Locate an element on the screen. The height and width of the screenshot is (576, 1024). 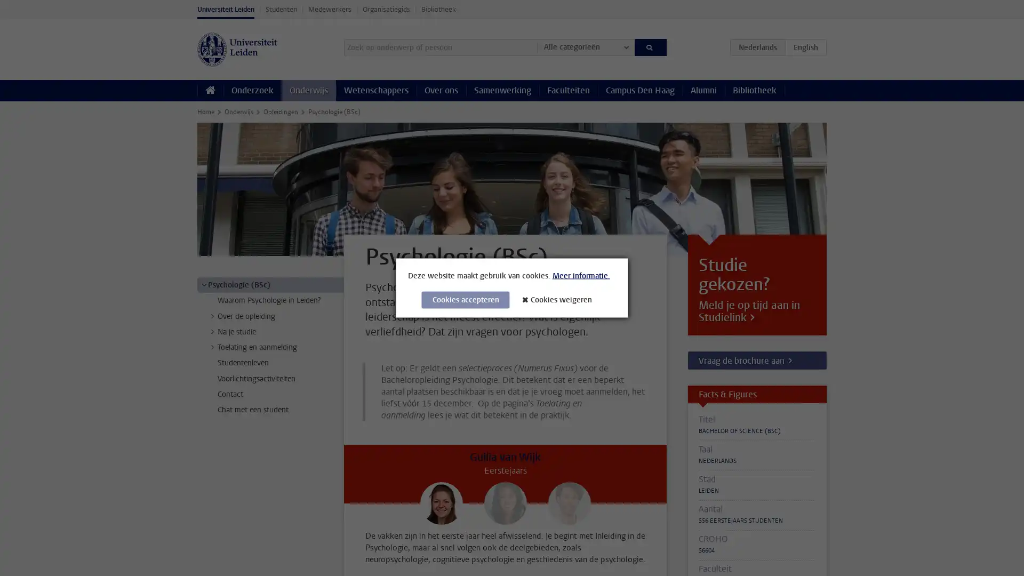
> is located at coordinates (212, 347).